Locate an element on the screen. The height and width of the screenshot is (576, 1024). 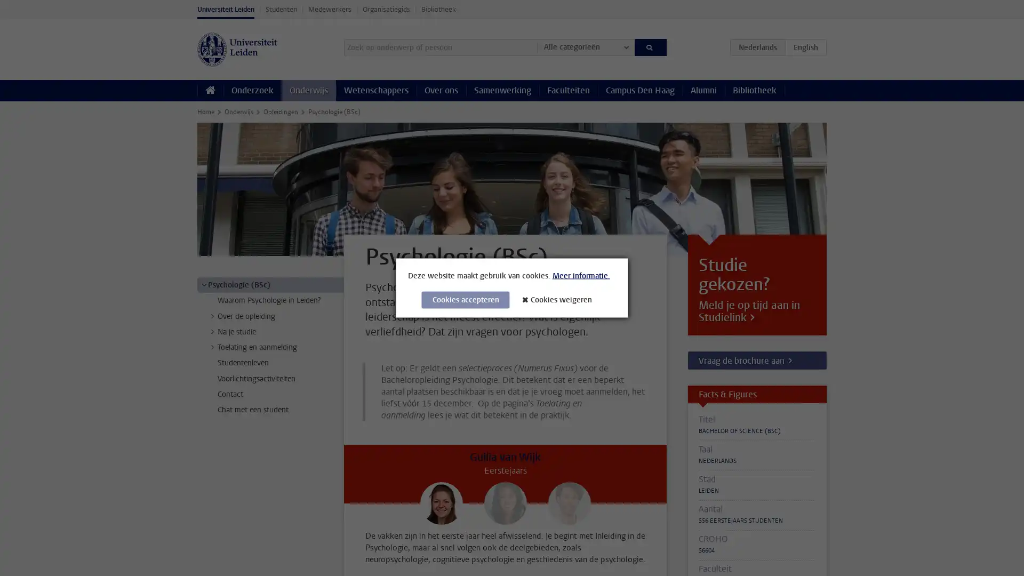
> is located at coordinates (212, 347).